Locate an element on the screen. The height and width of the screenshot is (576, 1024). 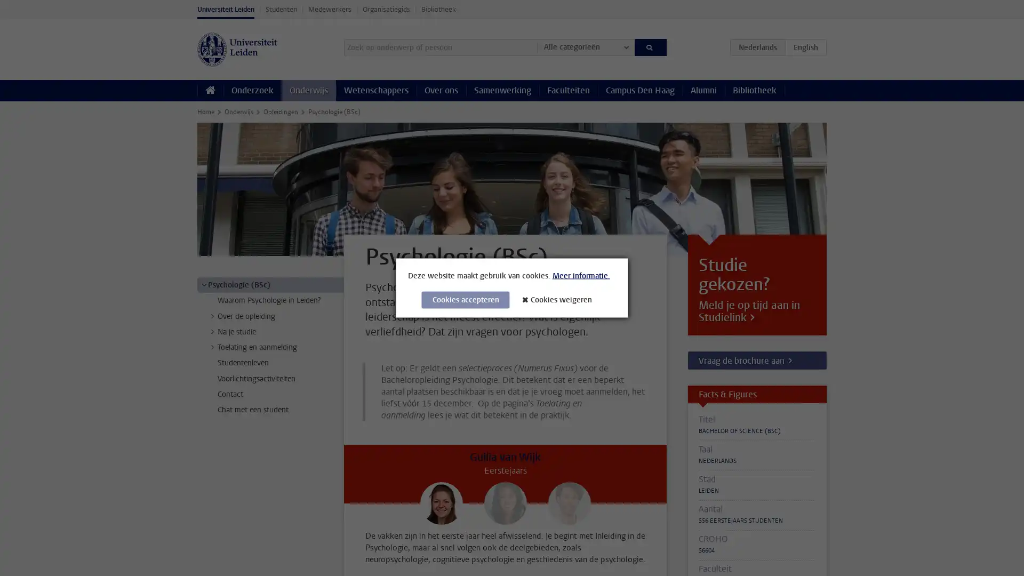
> is located at coordinates (212, 347).